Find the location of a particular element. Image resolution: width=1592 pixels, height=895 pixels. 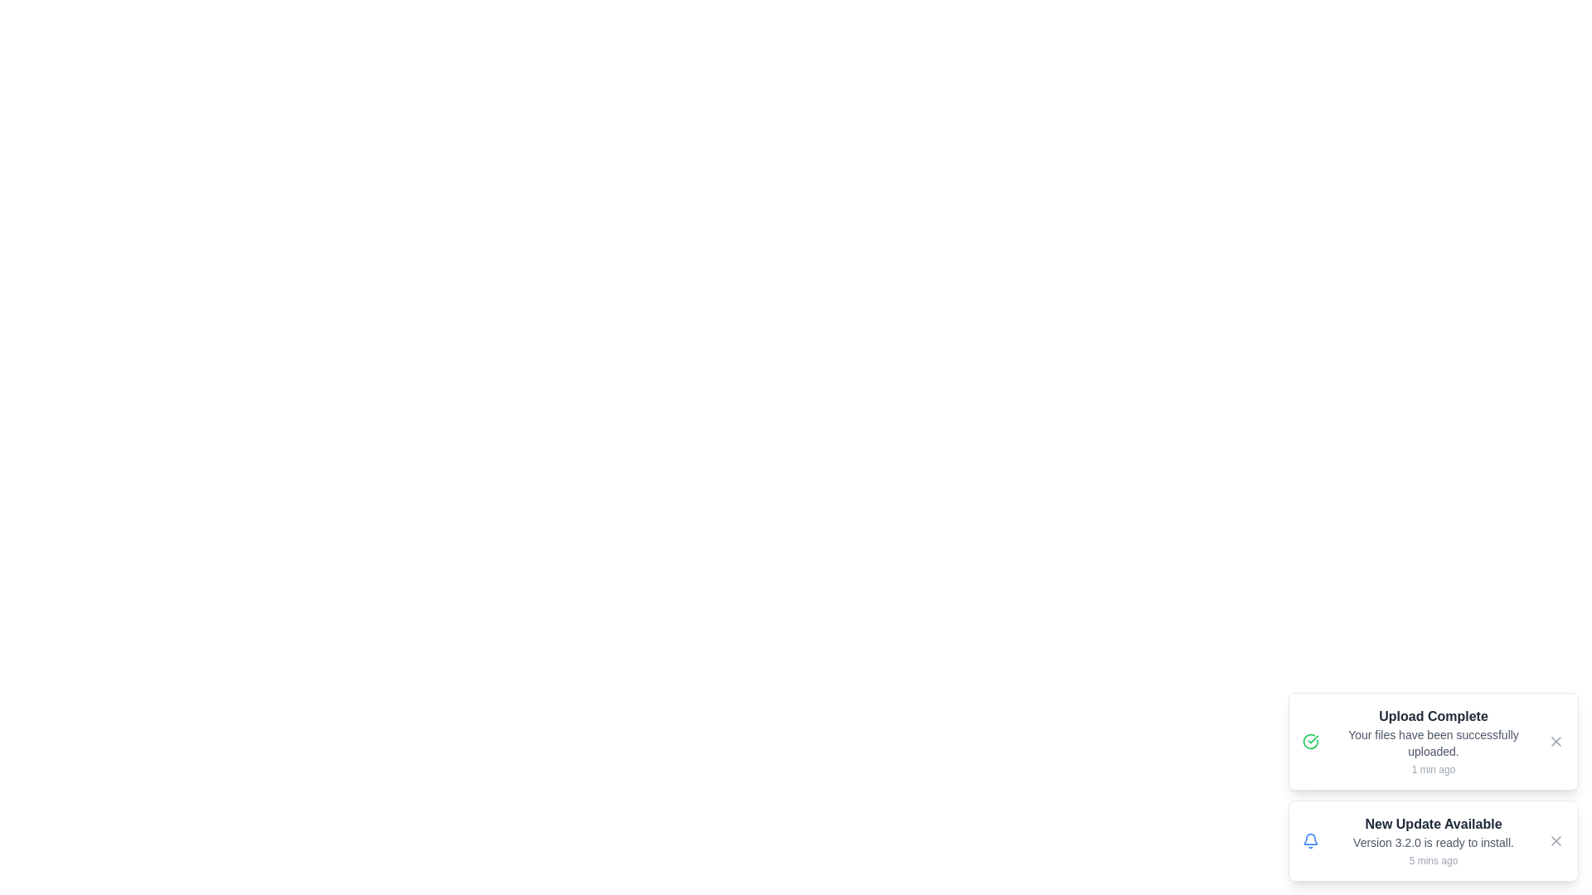

notification message about the new software update located in the bottom-right corner of the interface, within a white, rounded background card, below the 'Upload Complete' card is located at coordinates (1432, 840).